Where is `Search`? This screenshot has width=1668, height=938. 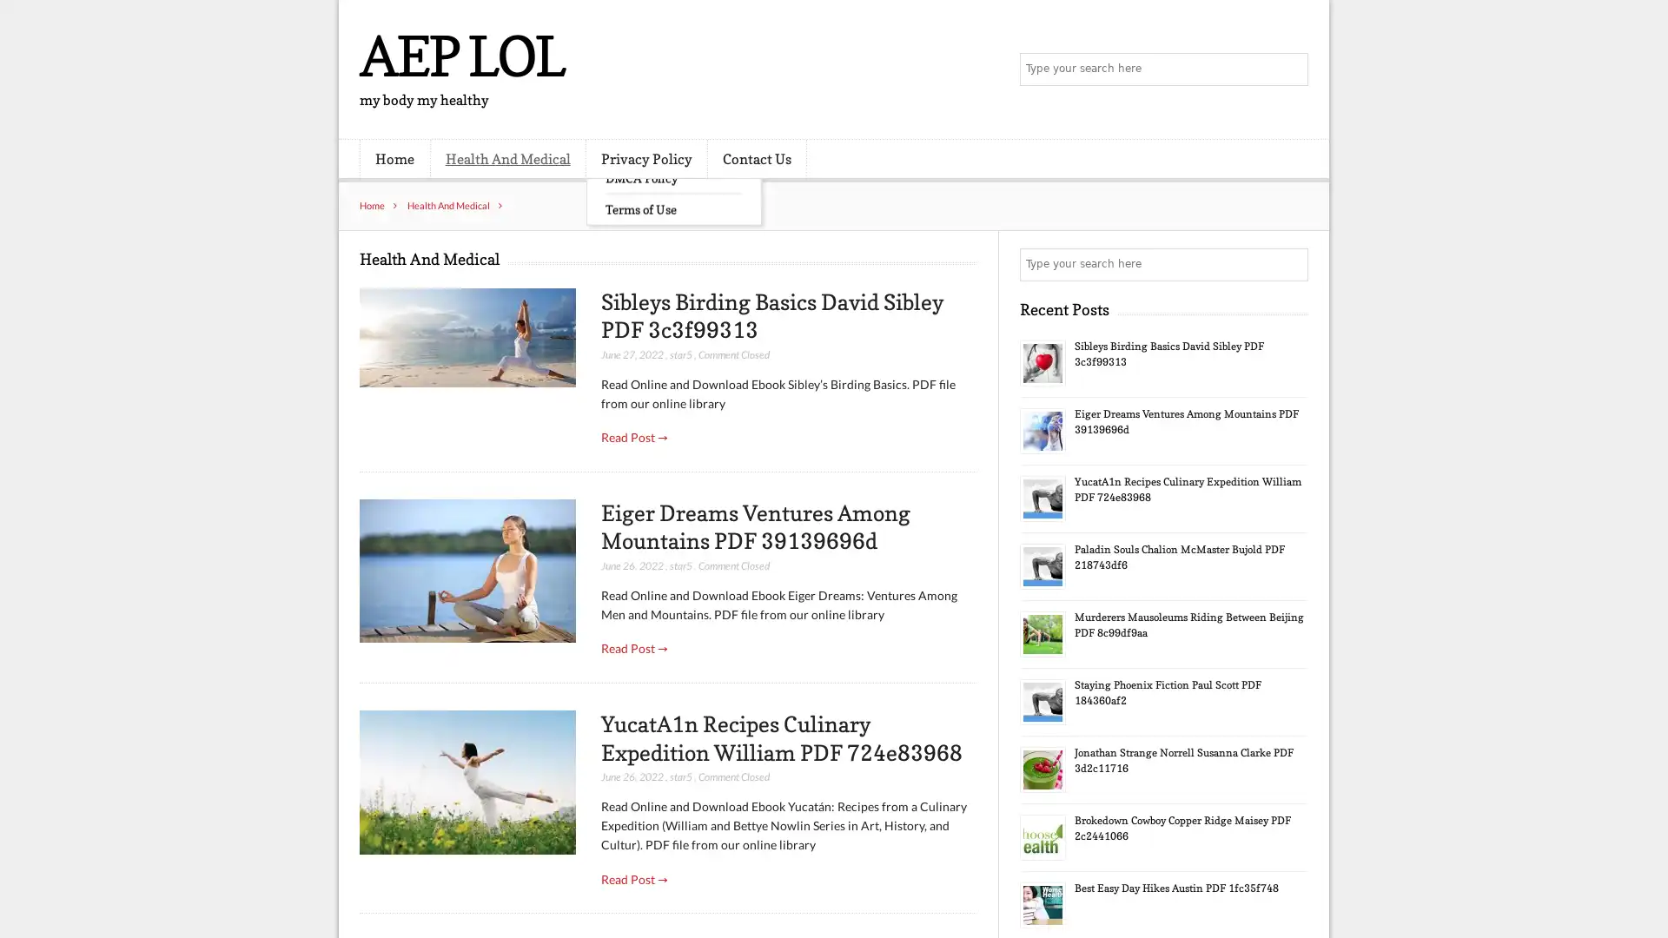
Search is located at coordinates (1290, 69).